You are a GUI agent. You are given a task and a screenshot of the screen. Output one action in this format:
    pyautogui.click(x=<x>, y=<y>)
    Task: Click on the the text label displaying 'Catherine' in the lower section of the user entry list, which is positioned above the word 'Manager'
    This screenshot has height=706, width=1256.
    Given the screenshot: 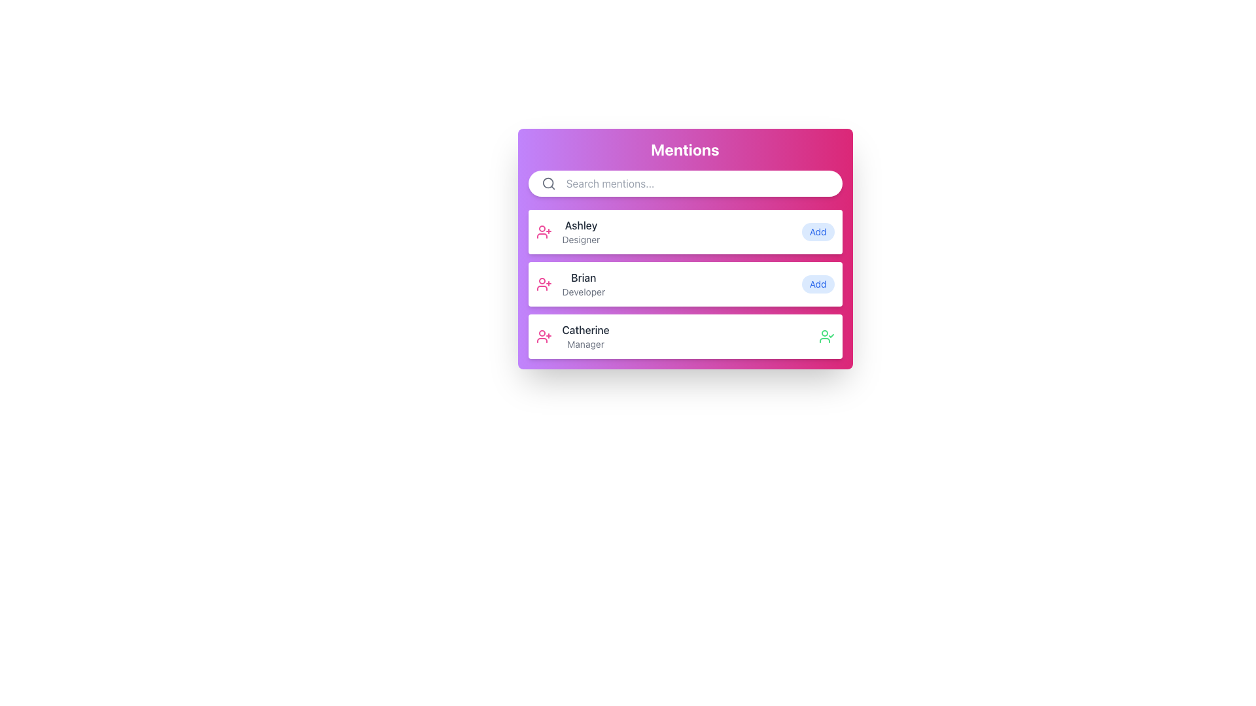 What is the action you would take?
    pyautogui.click(x=585, y=329)
    